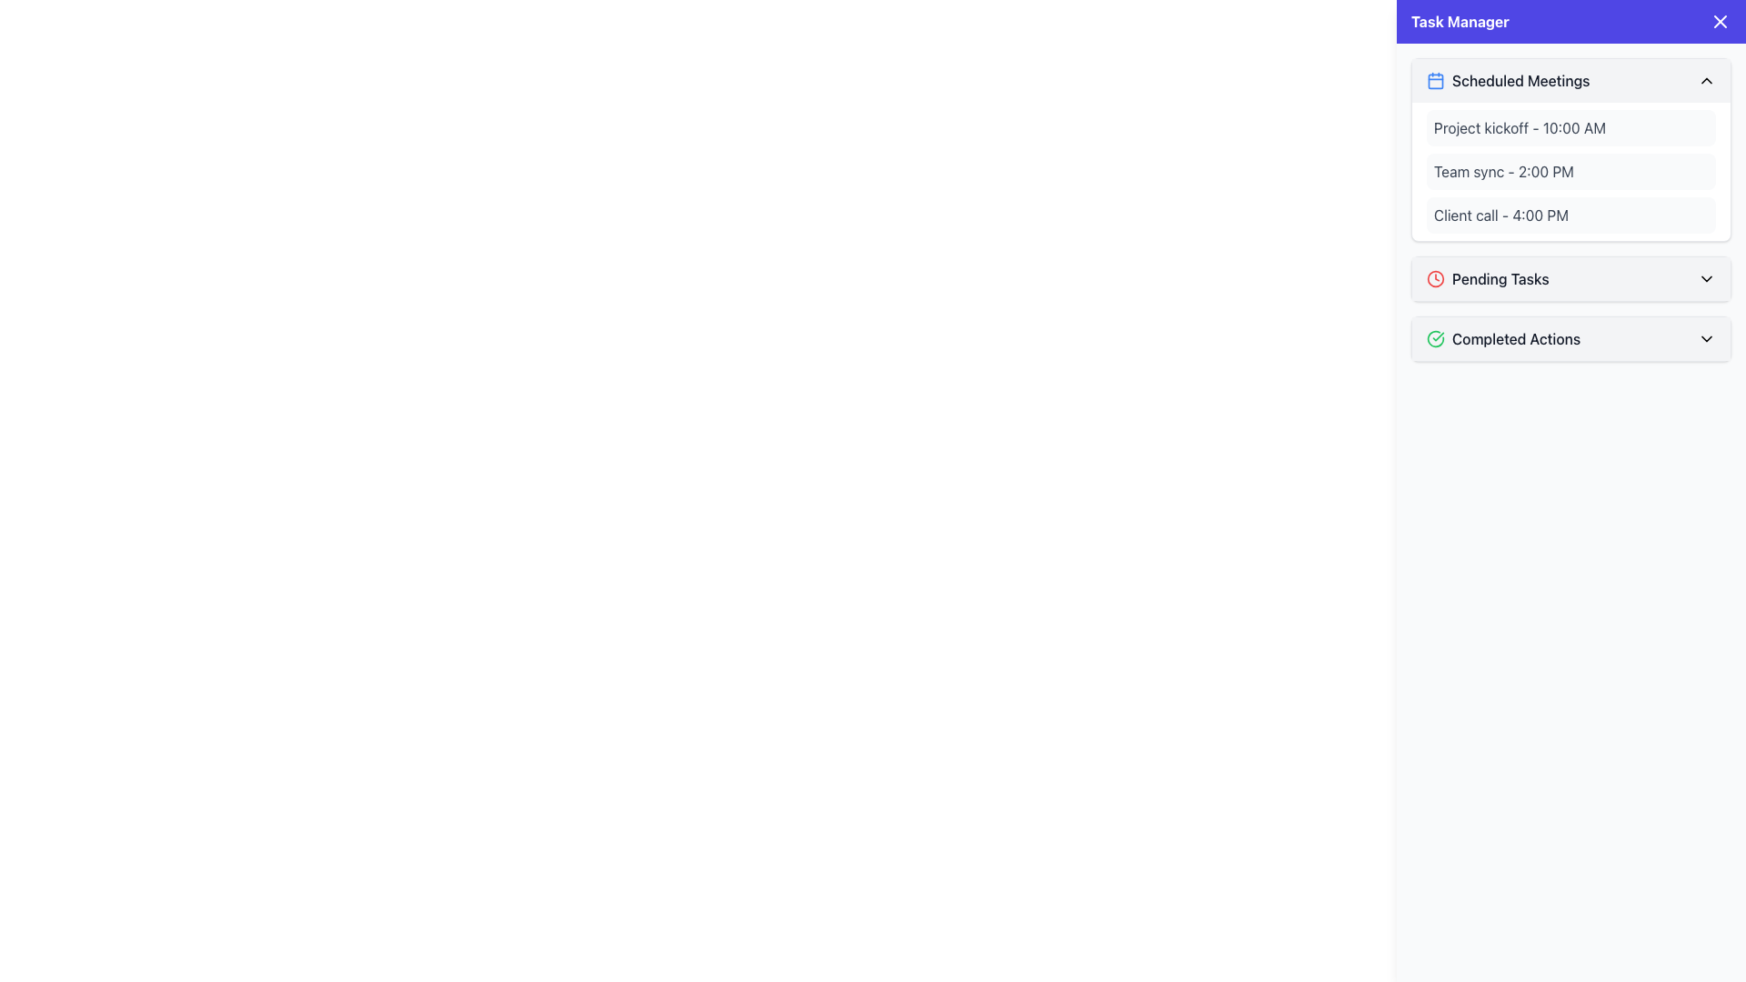 The image size is (1746, 982). I want to click on the first collapsible section that displays a list of scheduled meetings, so click(1570, 149).